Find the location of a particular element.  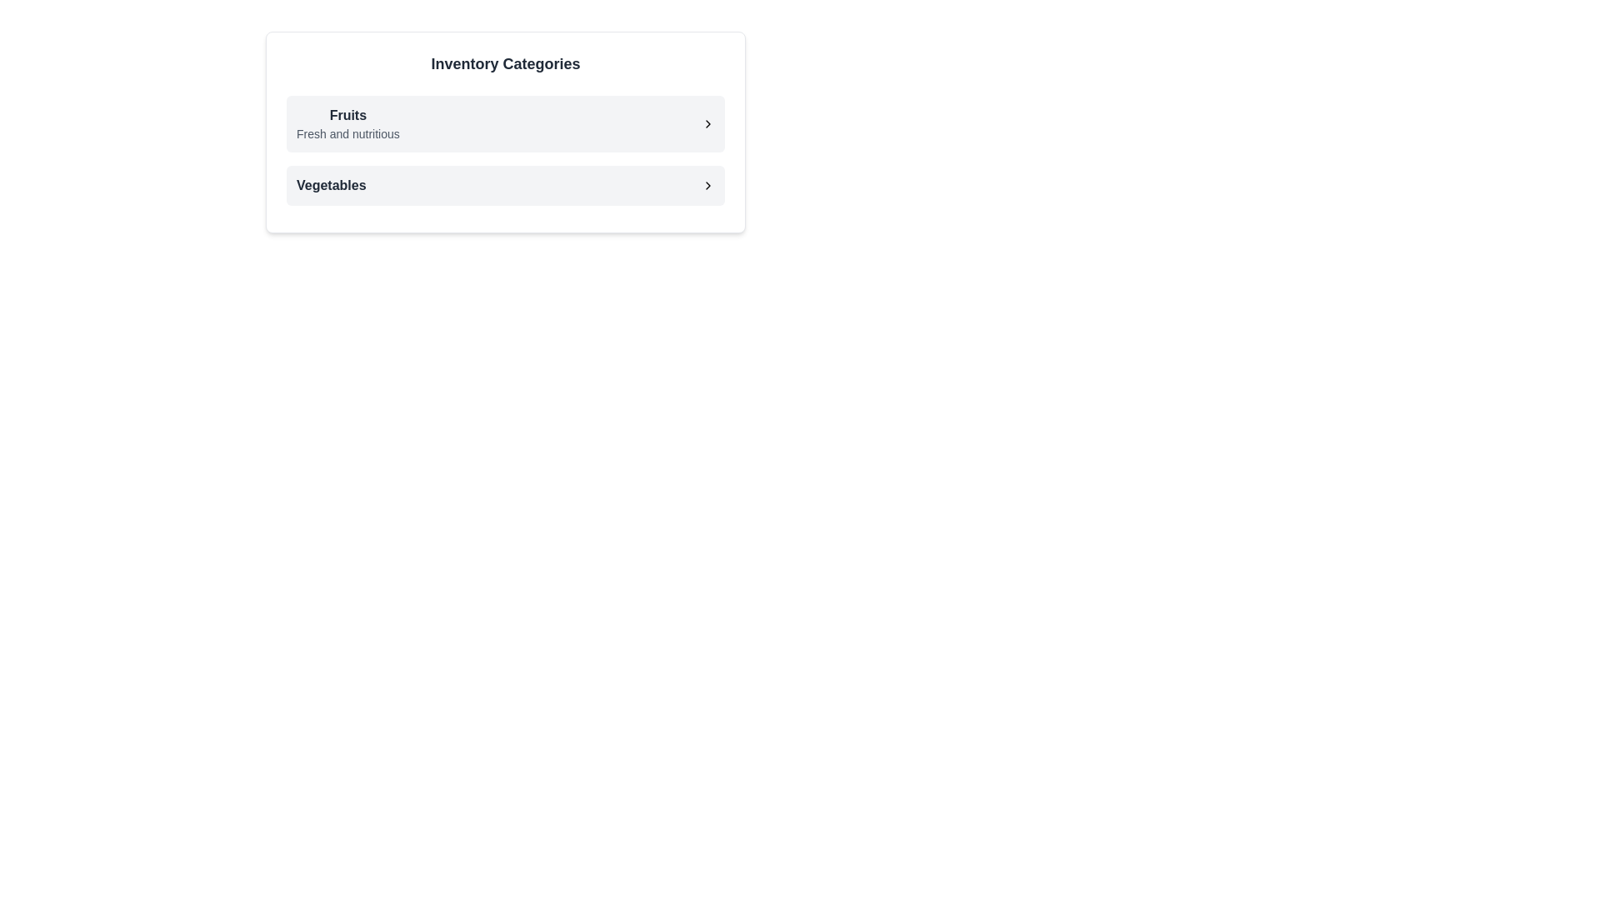

the 'Fruits' category label, which is bold and dark gray is located at coordinates (347, 123).